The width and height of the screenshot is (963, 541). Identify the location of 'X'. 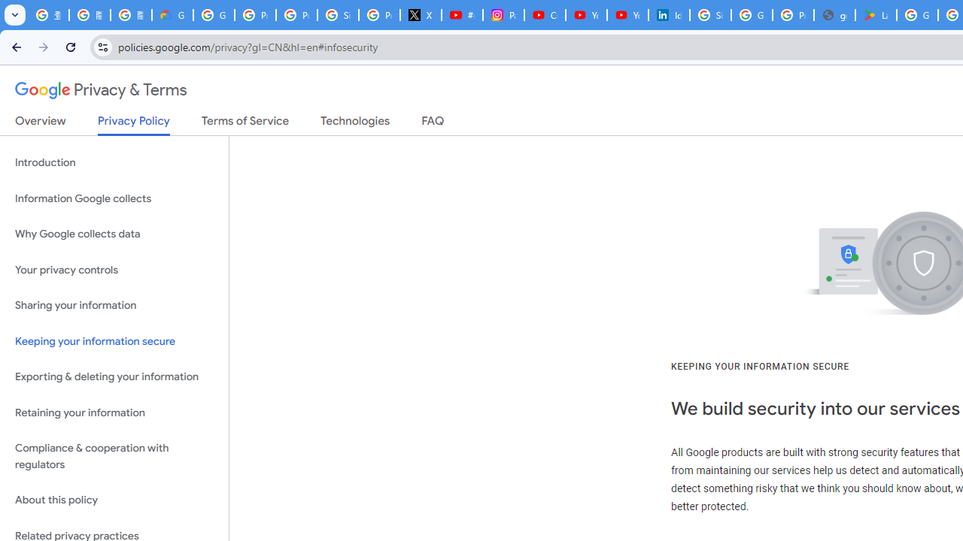
(421, 15).